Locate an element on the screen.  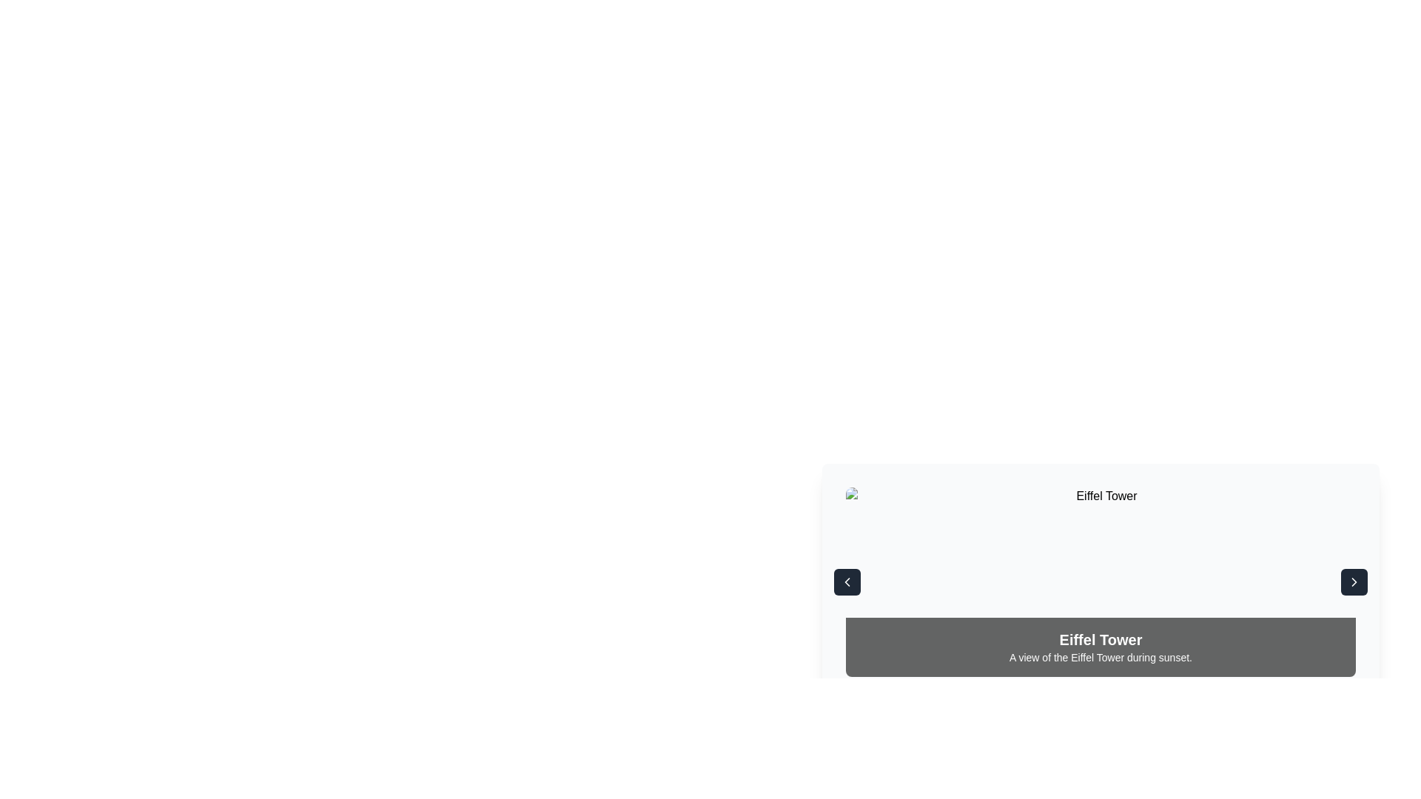
the 'next' navigation button, which is a dark rectangular button with rounded corners and a rightward-pointing chevron icon, located at the far-right side of its containing section is located at coordinates (1354, 581).